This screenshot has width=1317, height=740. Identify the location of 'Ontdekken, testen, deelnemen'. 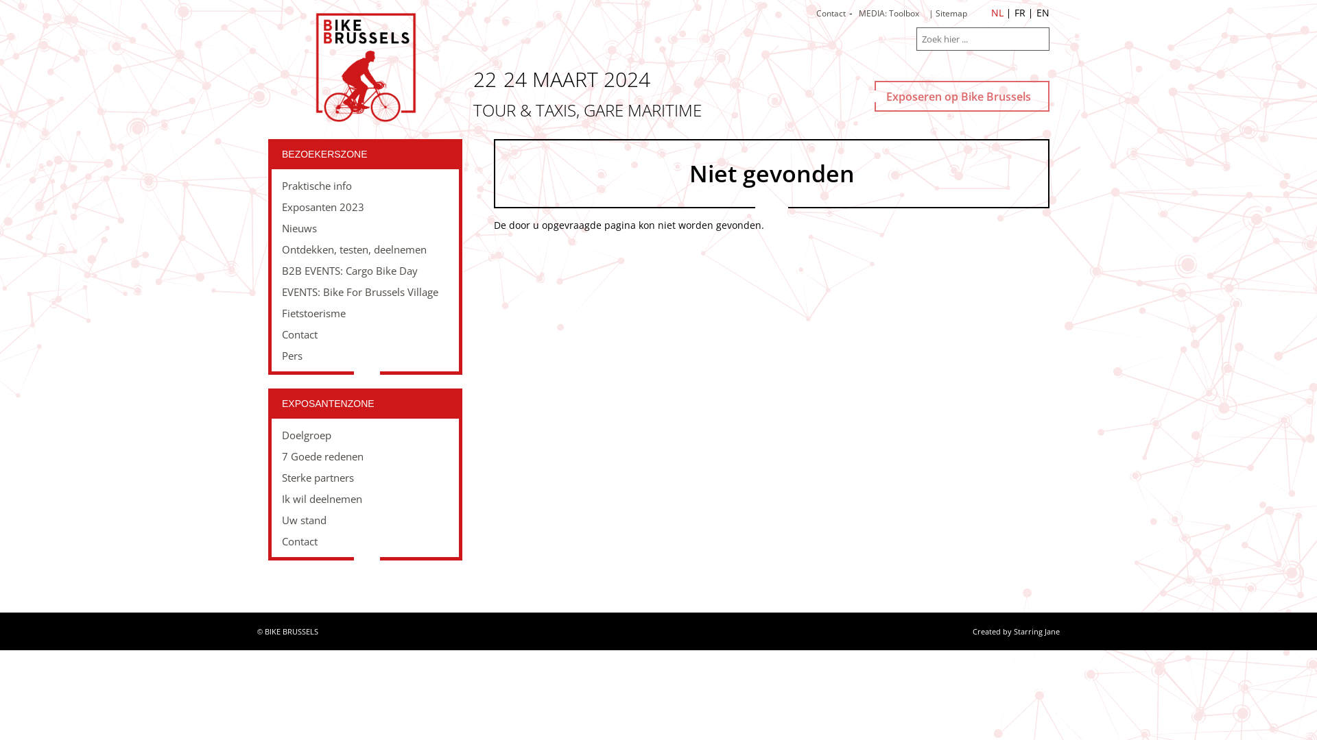
(365, 249).